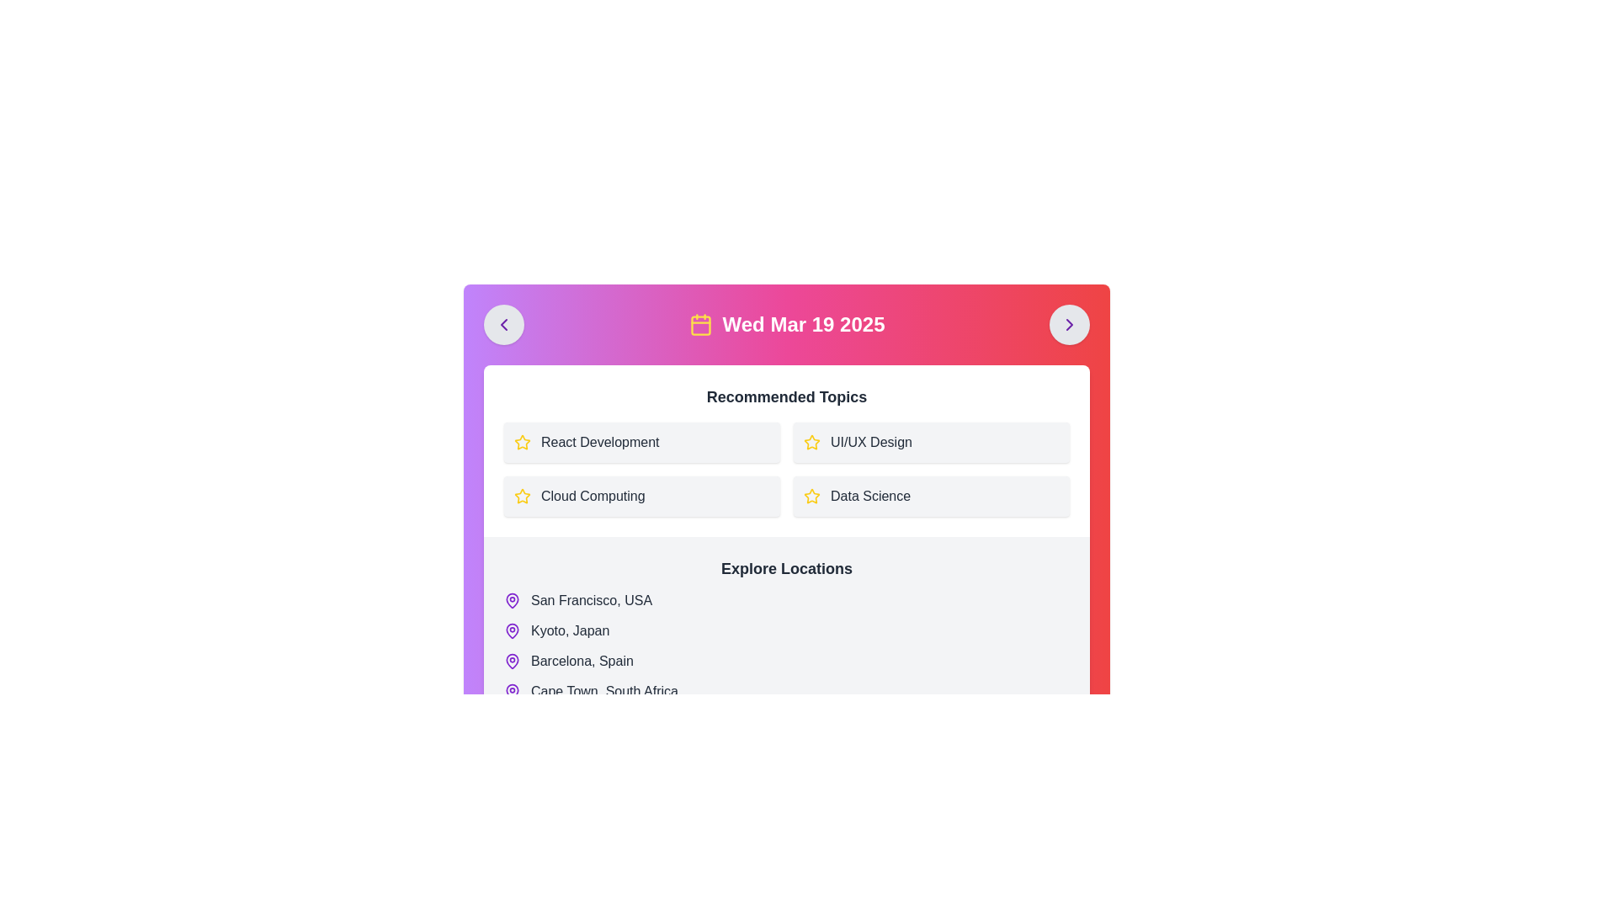 The image size is (1616, 909). What do you see at coordinates (521, 496) in the screenshot?
I see `the icon representing the 'Cloud Computing' section in the 'Recommended Topics' group, located to the left of the text 'Cloud Computing'` at bounding box center [521, 496].